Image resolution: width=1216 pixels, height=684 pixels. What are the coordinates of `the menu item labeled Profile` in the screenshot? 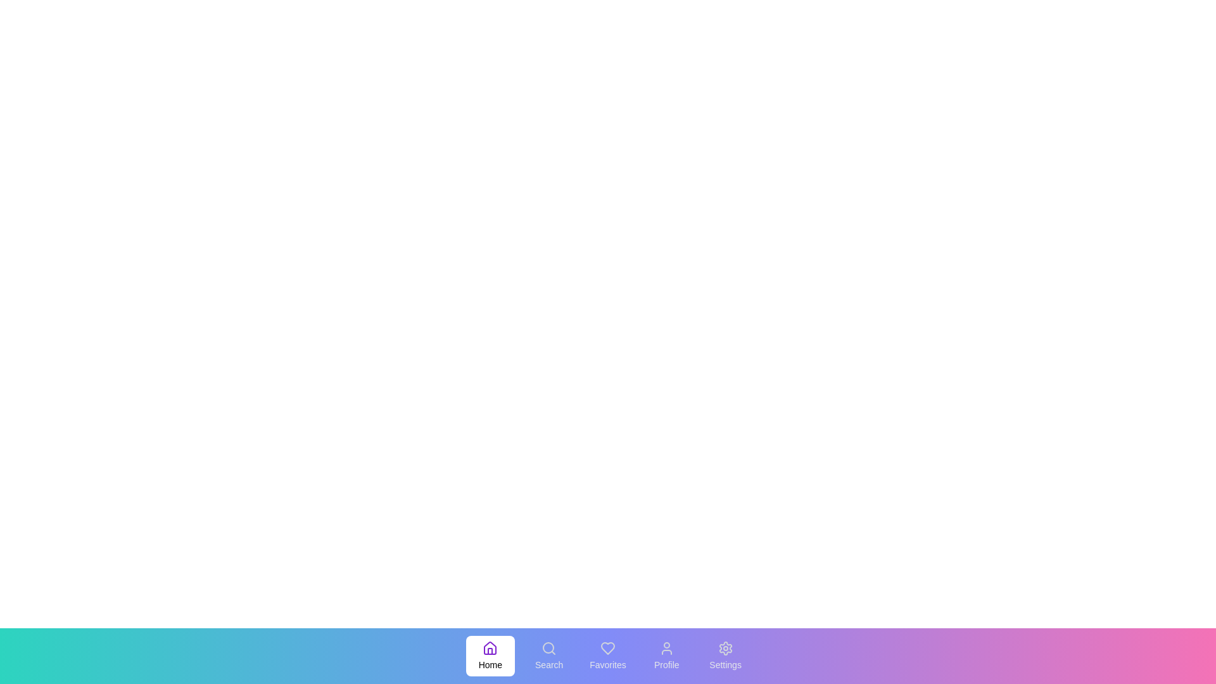 It's located at (666, 655).